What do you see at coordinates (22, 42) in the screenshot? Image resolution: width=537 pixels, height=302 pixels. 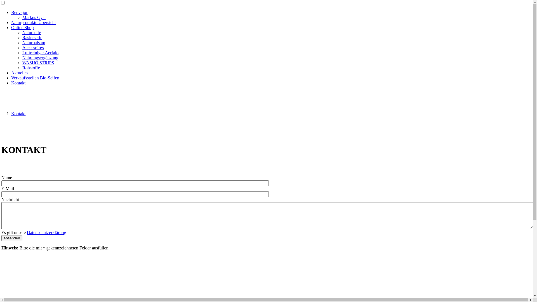 I see `'Naturbalsam'` at bounding box center [22, 42].